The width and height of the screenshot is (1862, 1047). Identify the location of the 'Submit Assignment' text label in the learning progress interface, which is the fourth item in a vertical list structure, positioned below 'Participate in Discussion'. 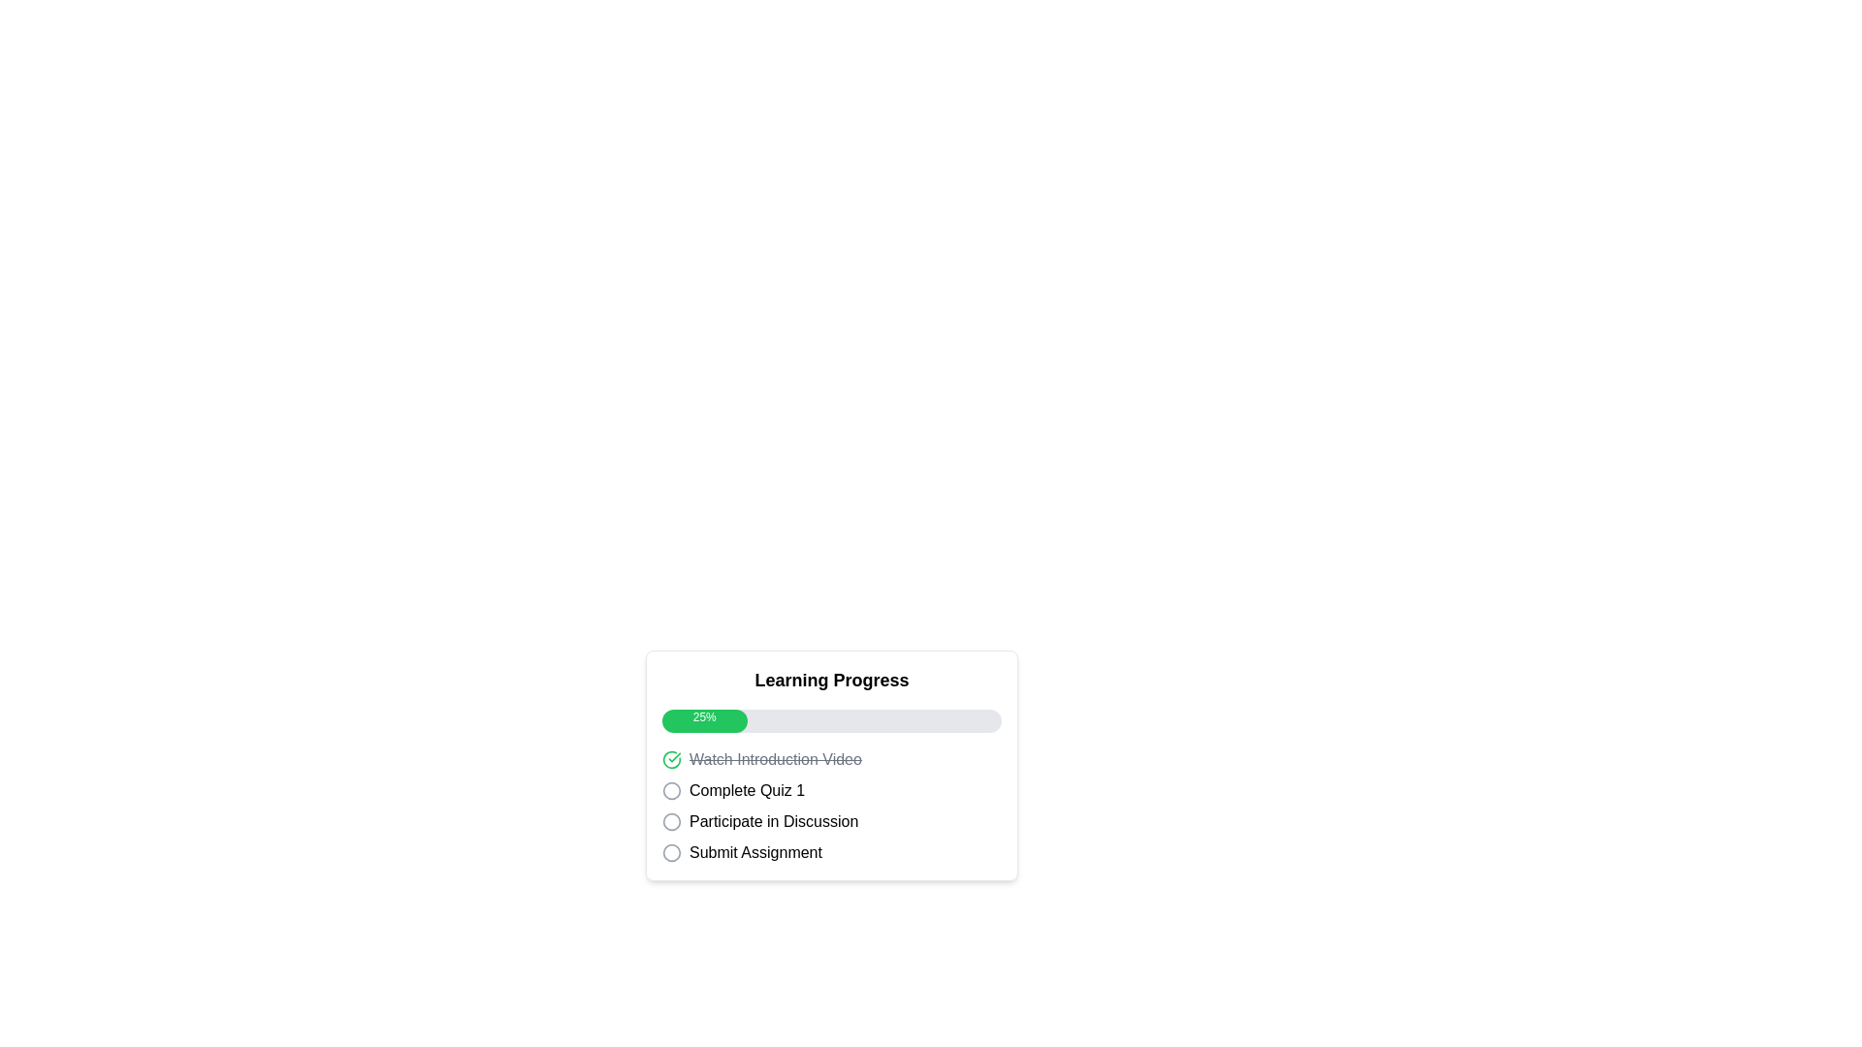
(754, 851).